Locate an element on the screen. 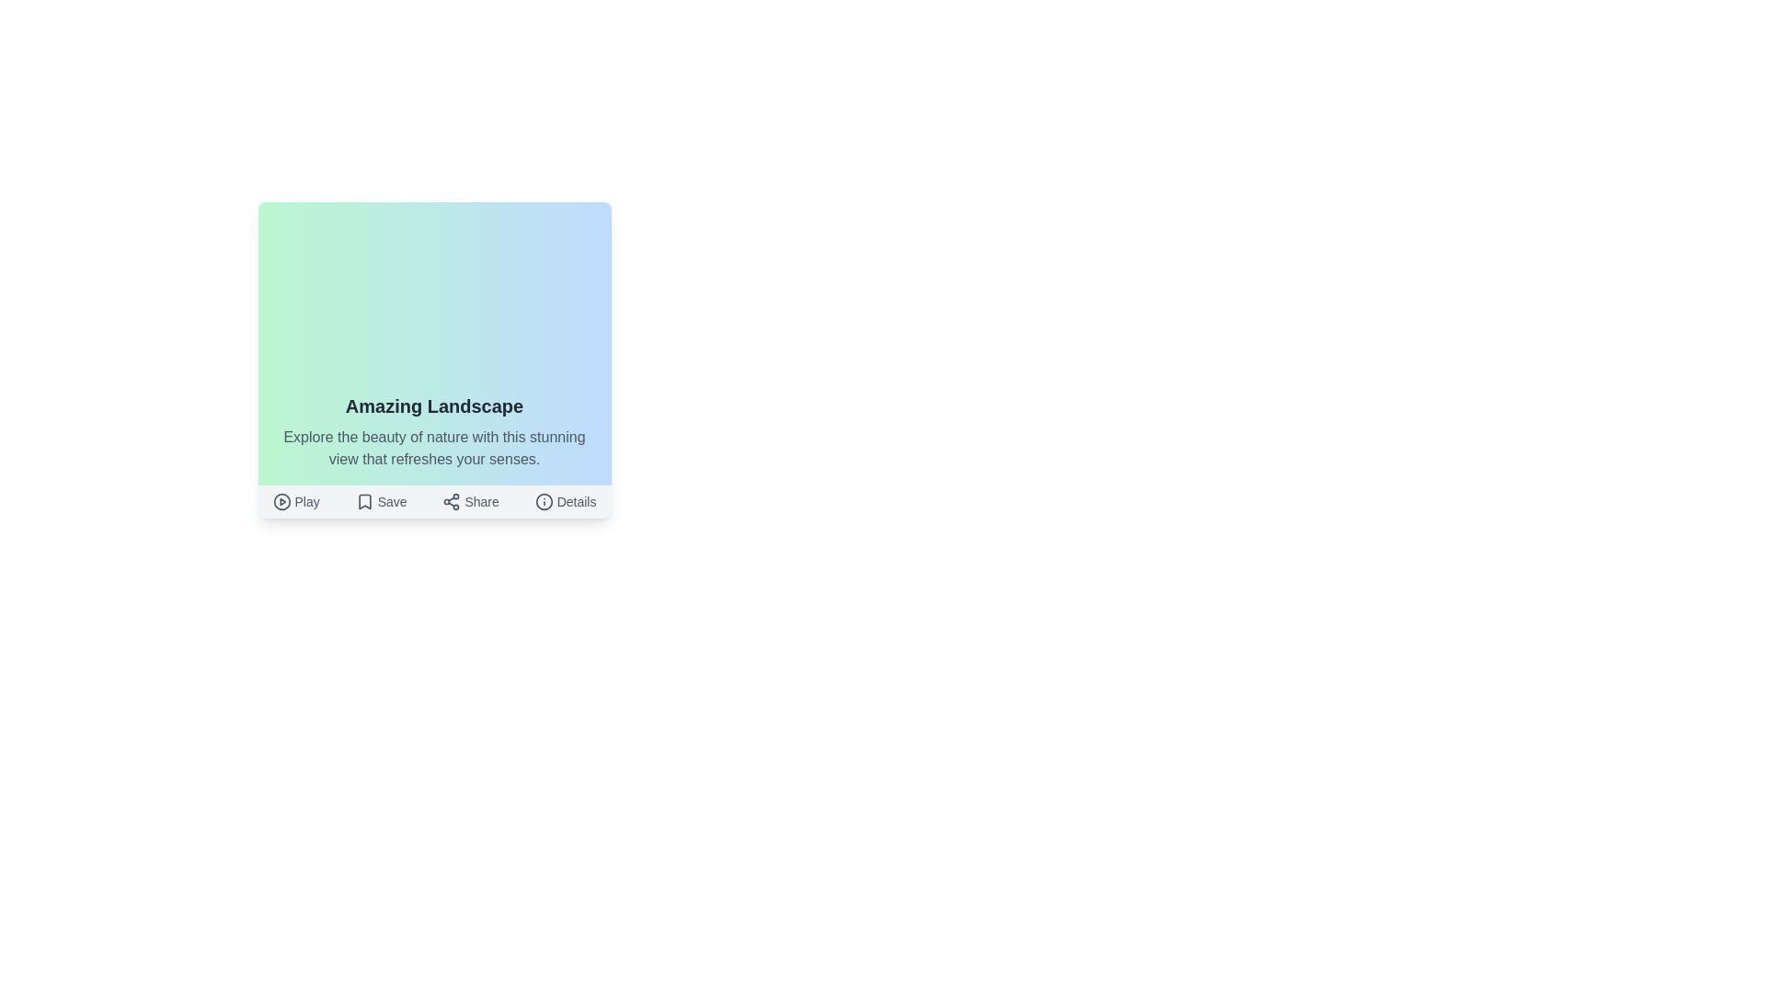 Image resolution: width=1766 pixels, height=993 pixels. the descriptive text located below the title 'Amazing Landscape', which provides additional context about the content is located at coordinates (433, 449).